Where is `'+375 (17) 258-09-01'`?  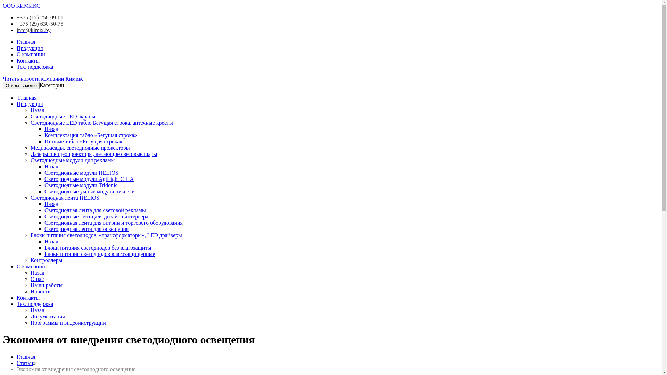 '+375 (17) 258-09-01' is located at coordinates (40, 17).